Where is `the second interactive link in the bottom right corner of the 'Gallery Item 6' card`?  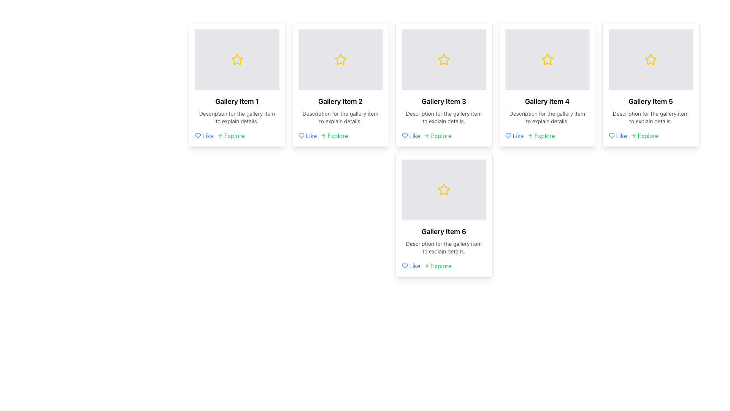 the second interactive link in the bottom right corner of the 'Gallery Item 6' card is located at coordinates (437, 265).